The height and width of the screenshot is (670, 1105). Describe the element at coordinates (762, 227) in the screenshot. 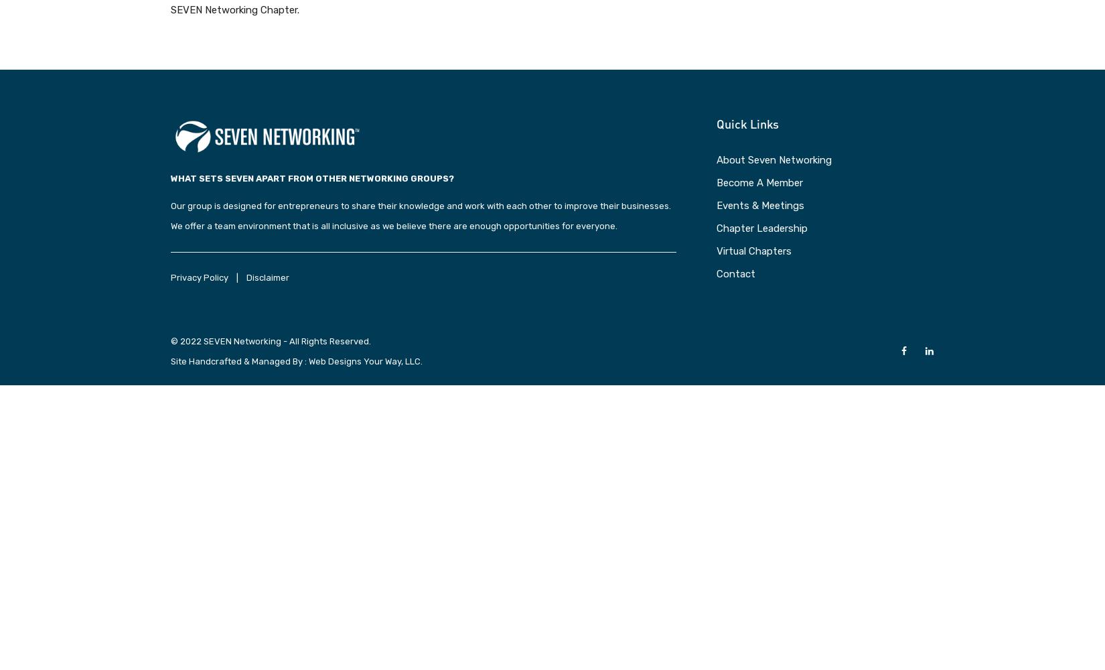

I see `'Chapter Leadership'` at that location.